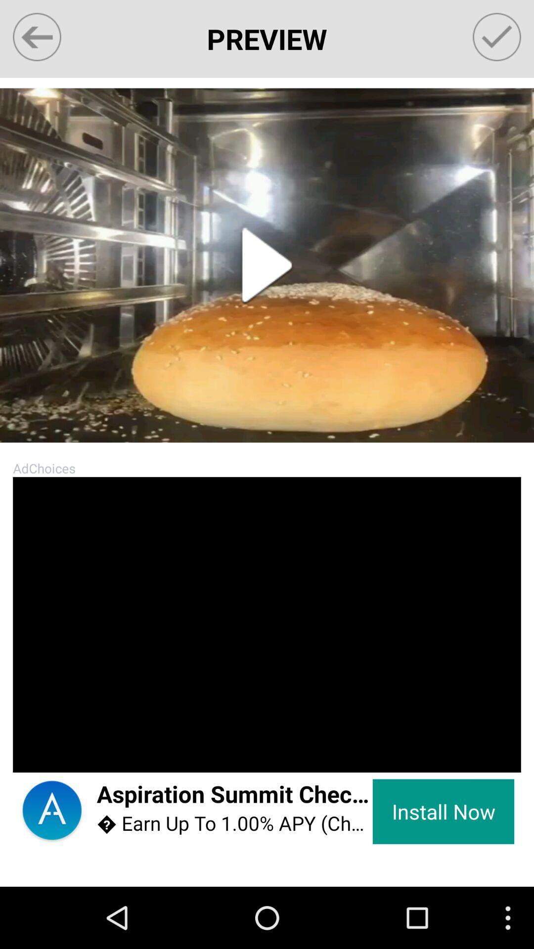  What do you see at coordinates (234, 823) in the screenshot?
I see `item below the aspiration summit checking icon` at bounding box center [234, 823].